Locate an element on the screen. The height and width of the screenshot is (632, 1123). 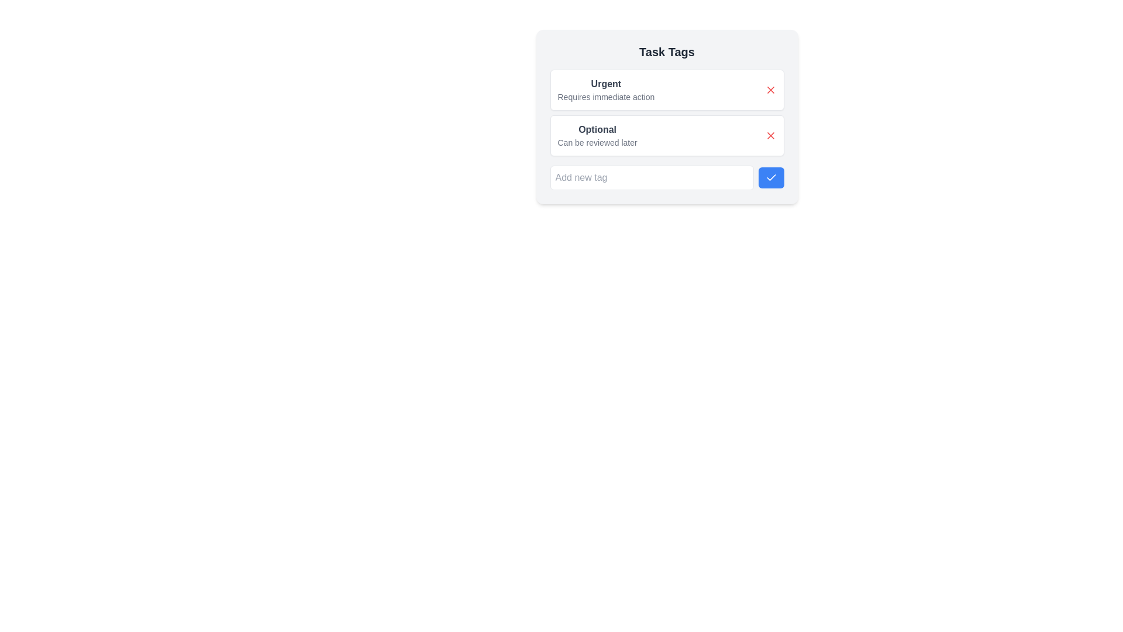
the descriptive text element located under the 'Optional' tag in the 'Task Tags' card, which provides information about optional items is located at coordinates (597, 142).